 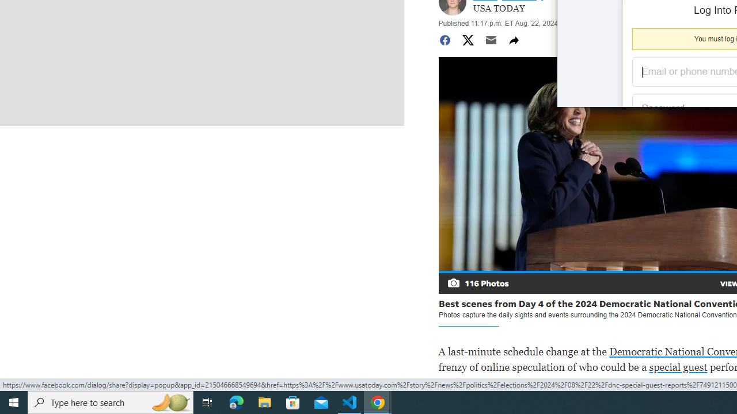 What do you see at coordinates (513, 39) in the screenshot?
I see `'Share natively'` at bounding box center [513, 39].